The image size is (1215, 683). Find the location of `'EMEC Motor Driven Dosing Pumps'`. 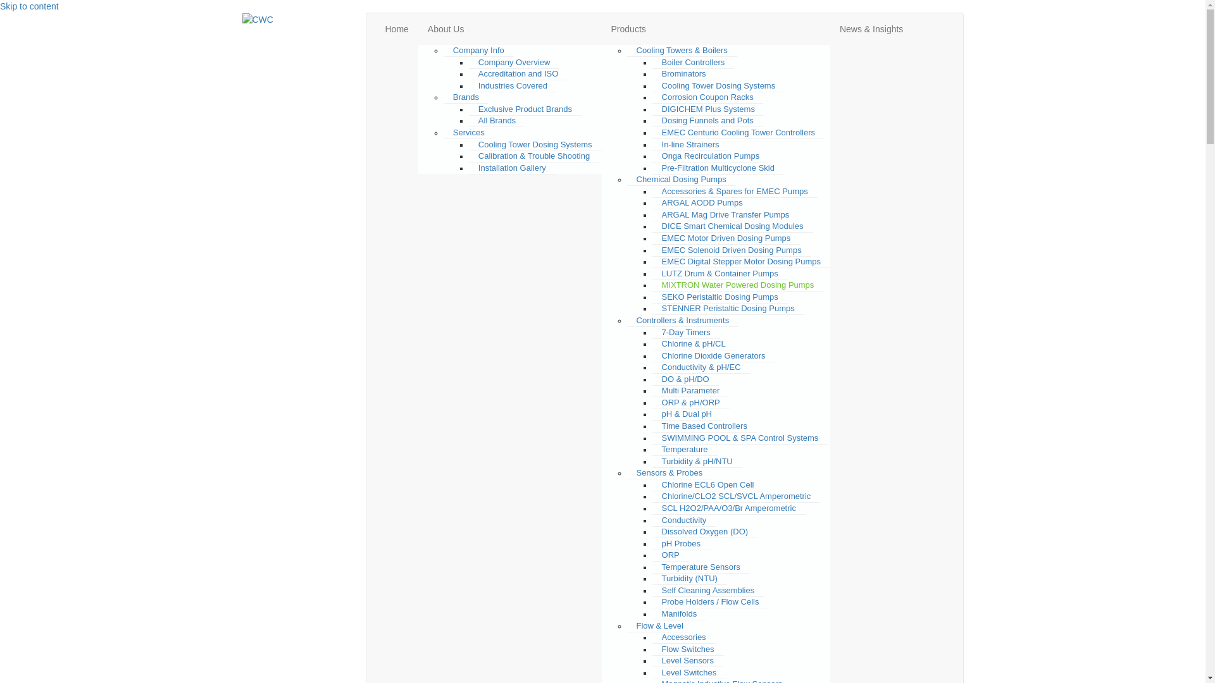

'EMEC Motor Driven Dosing Pumps' is located at coordinates (726, 238).